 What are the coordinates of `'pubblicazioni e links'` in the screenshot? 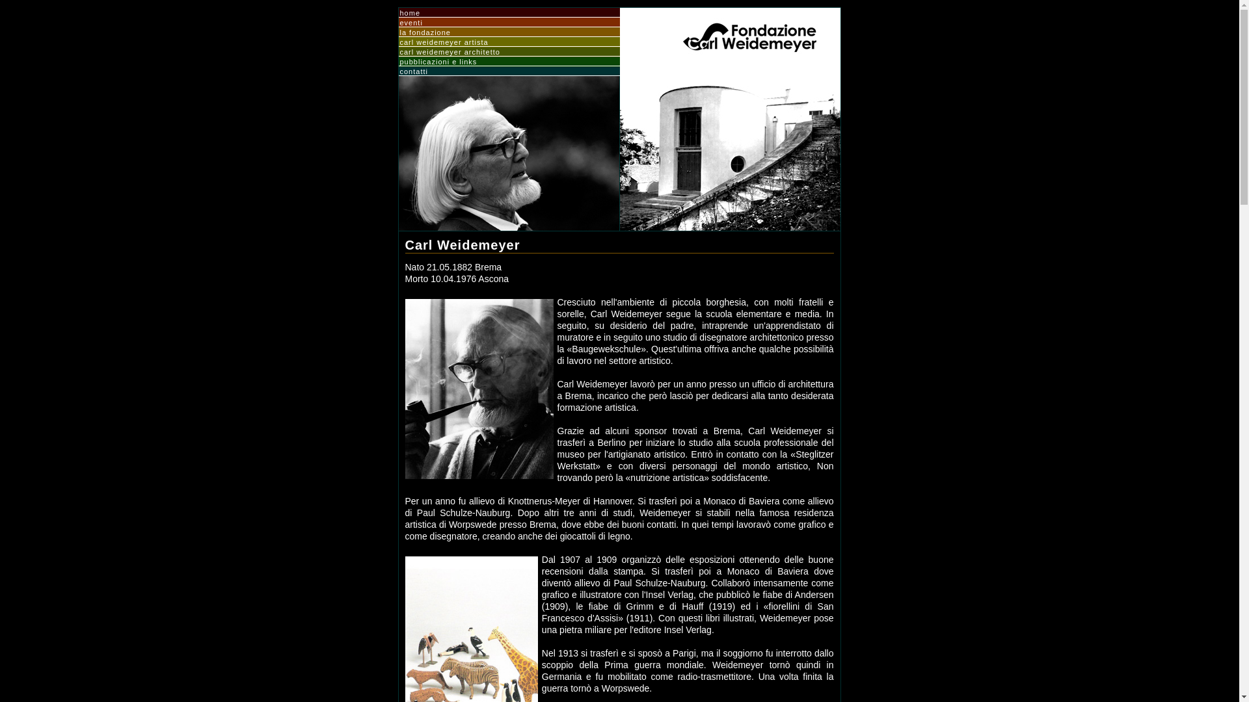 It's located at (508, 62).